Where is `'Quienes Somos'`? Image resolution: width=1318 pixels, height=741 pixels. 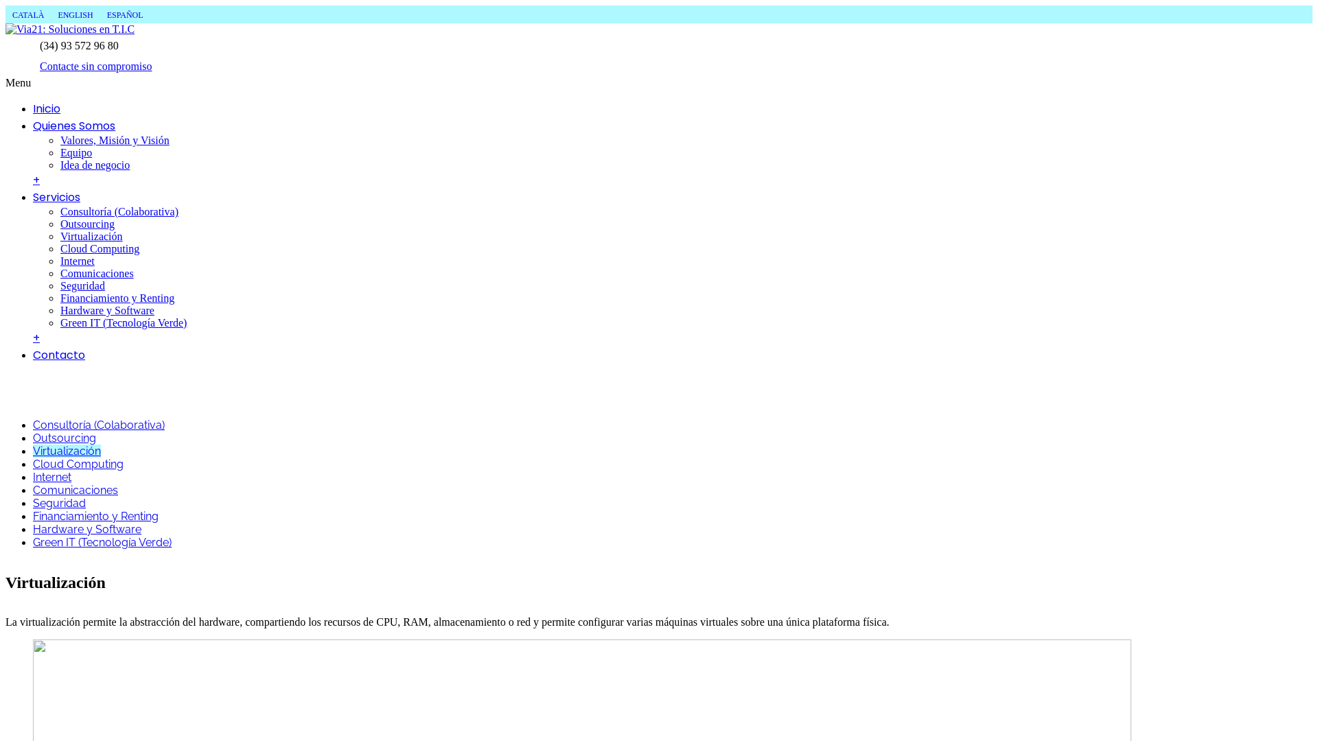 'Quienes Somos' is located at coordinates (73, 126).